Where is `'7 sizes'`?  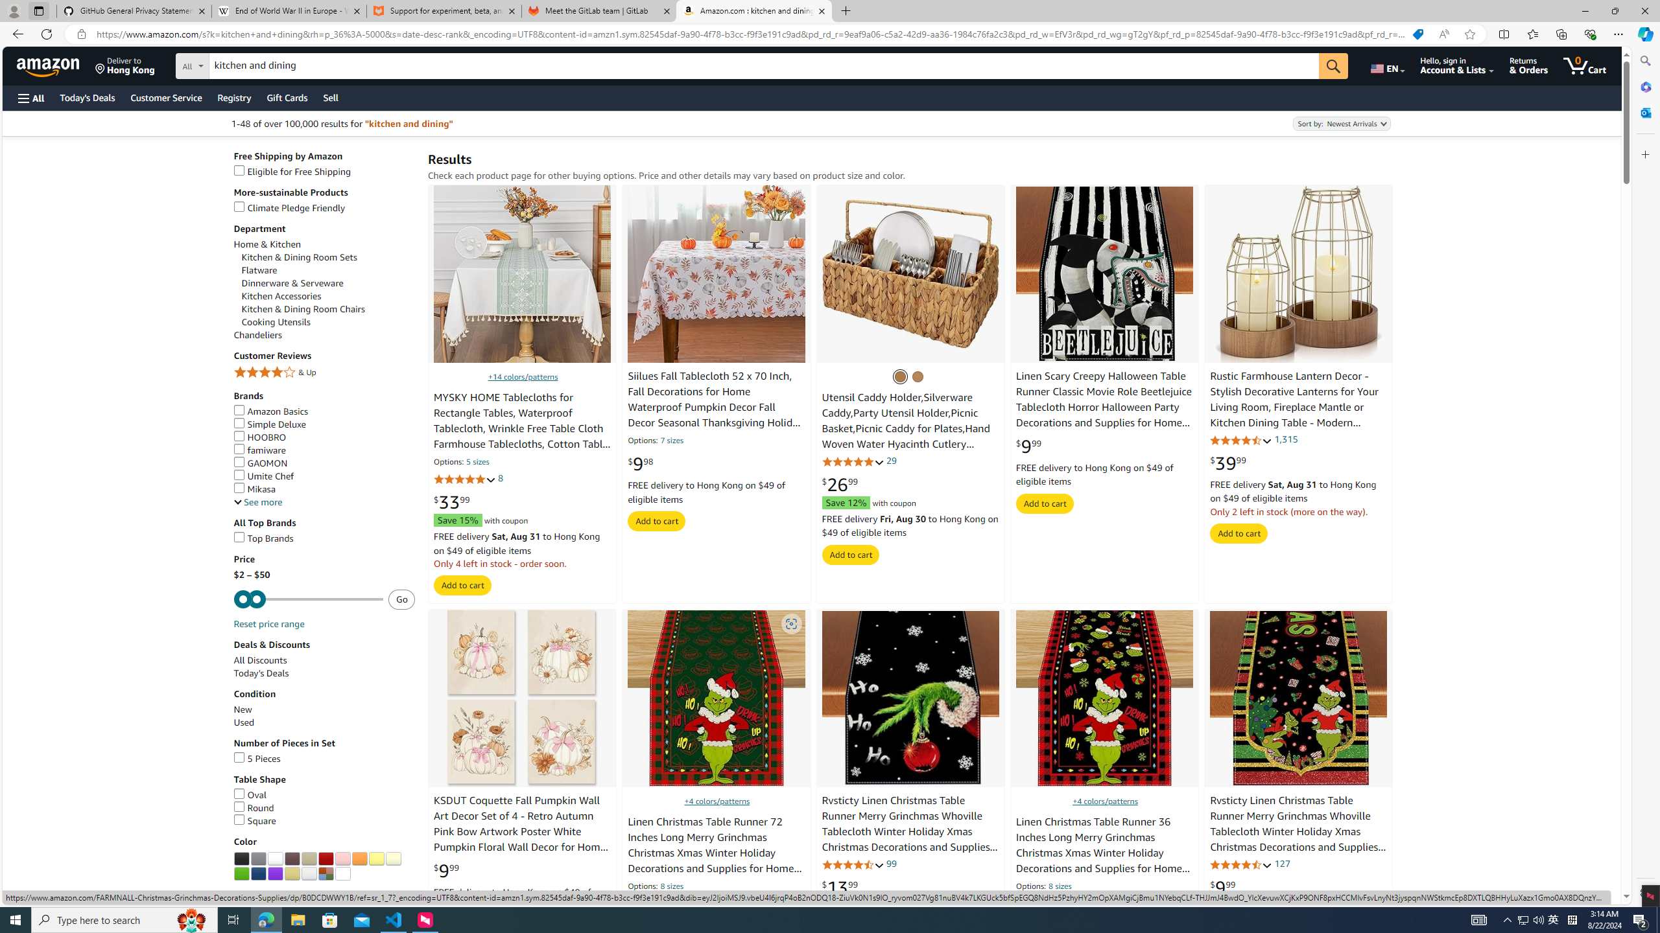
'7 sizes' is located at coordinates (671, 441).